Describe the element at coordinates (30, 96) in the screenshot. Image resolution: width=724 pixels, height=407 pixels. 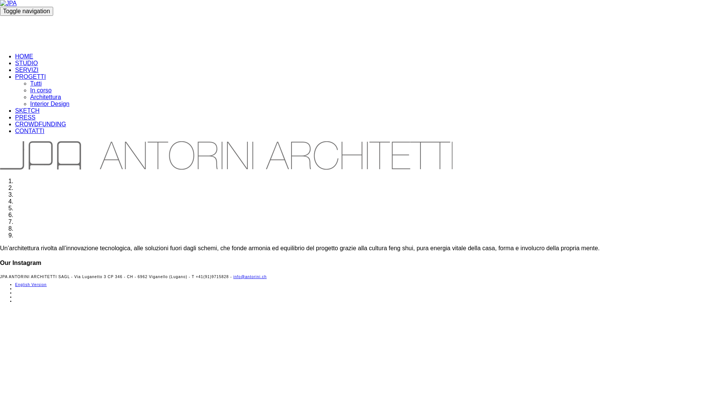
I see `'Architettura'` at that location.